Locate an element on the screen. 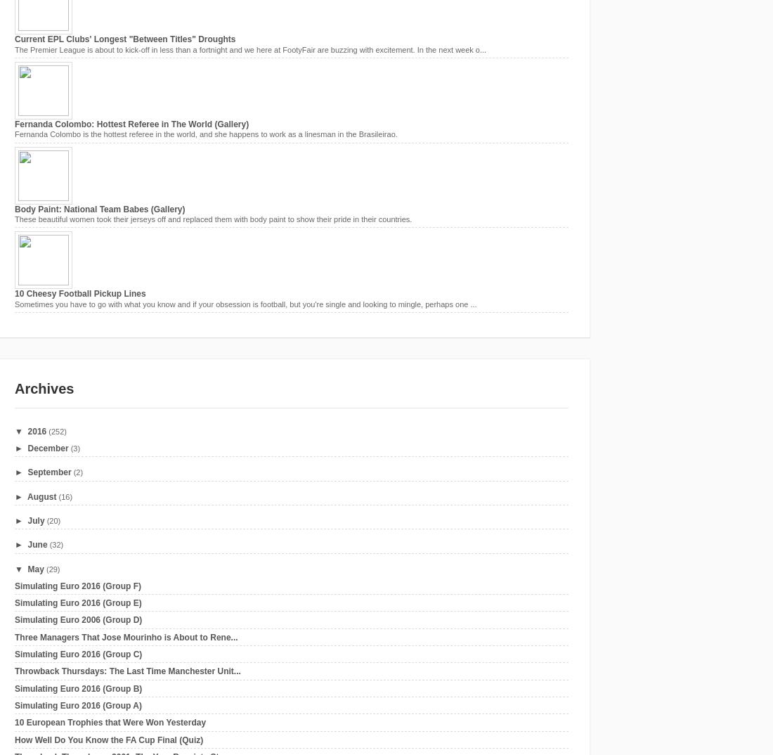 This screenshot has height=755, width=773. 'Body Paint: National Team Babes (Gallery)' is located at coordinates (99, 208).